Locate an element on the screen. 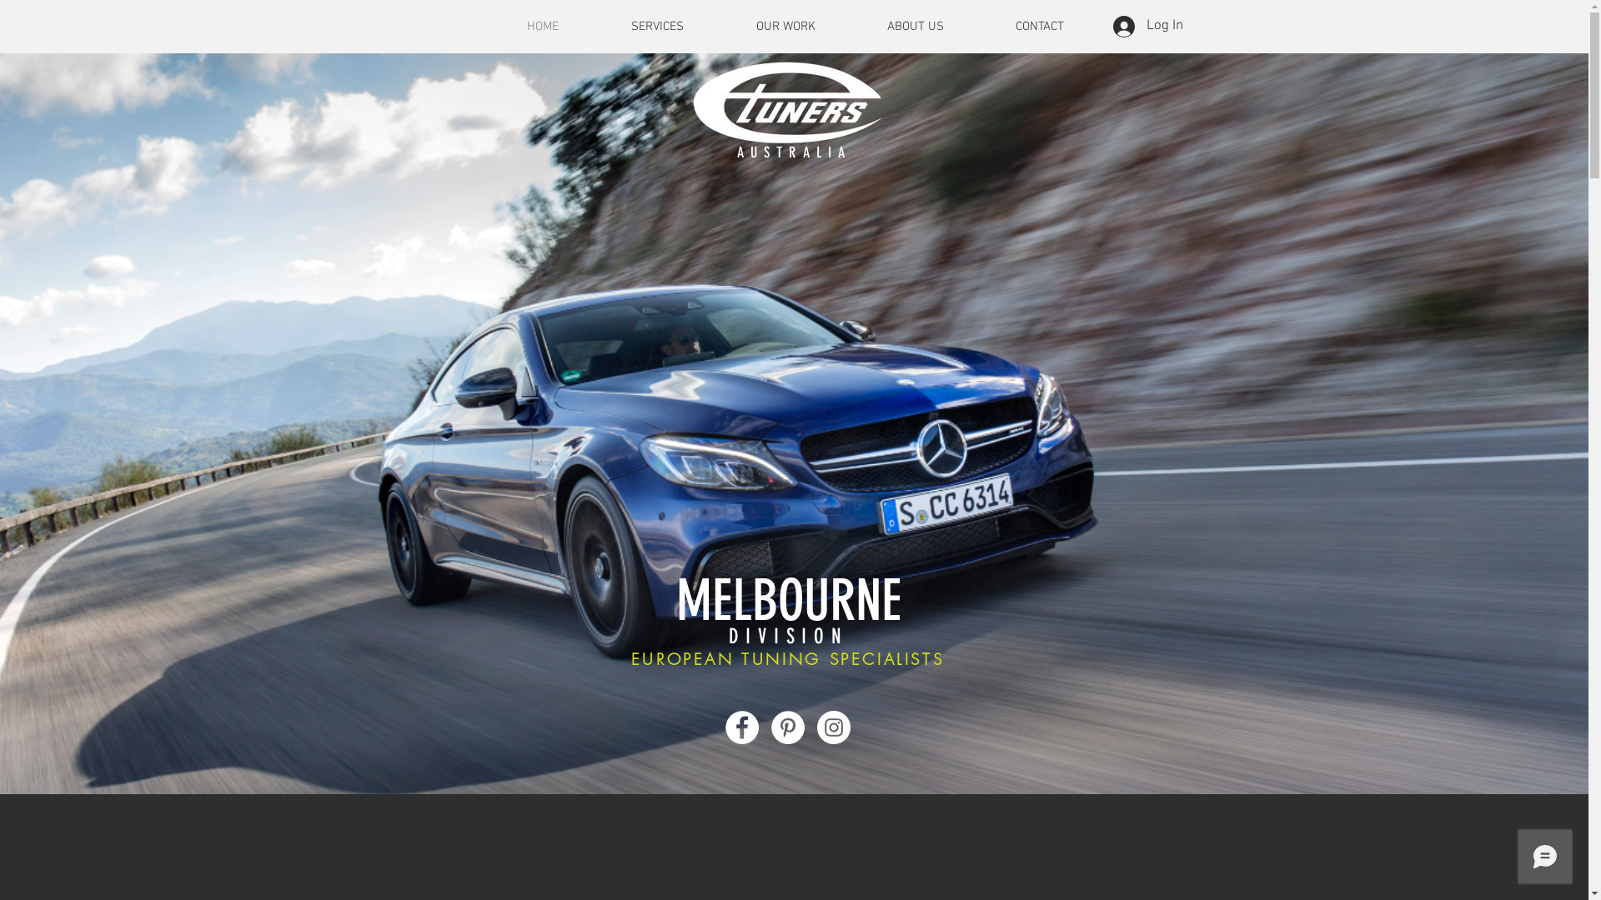 This screenshot has width=1601, height=900. 'OUR WORK' is located at coordinates (785, 26).